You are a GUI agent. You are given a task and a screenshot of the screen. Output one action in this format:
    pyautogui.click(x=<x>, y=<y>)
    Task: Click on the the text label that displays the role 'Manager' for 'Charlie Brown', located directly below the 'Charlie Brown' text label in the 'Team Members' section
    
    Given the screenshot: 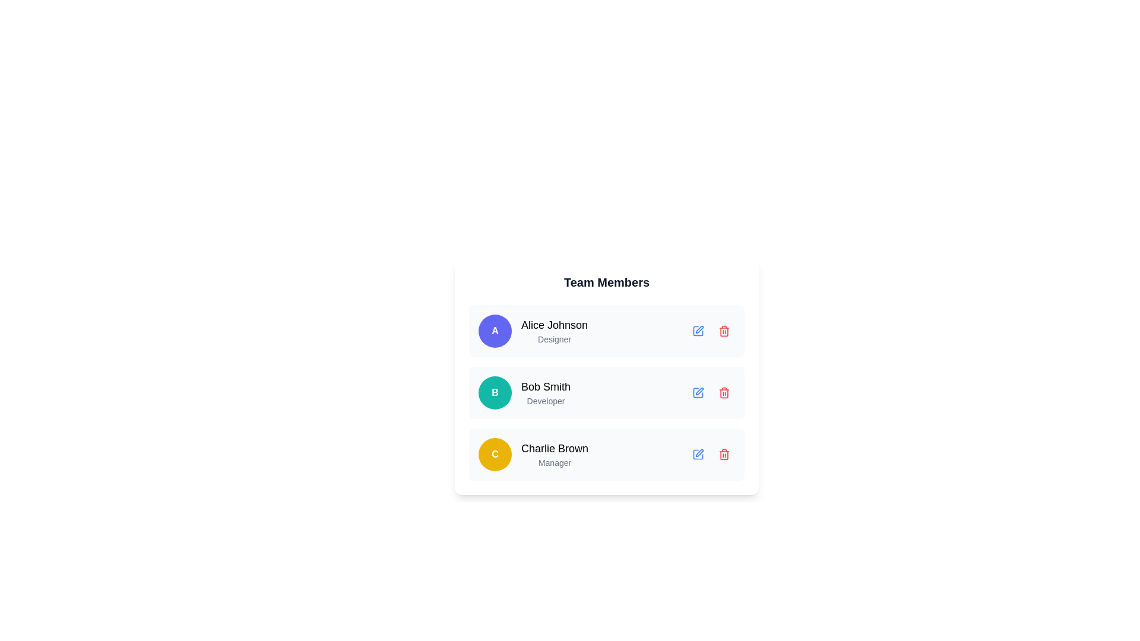 What is the action you would take?
    pyautogui.click(x=554, y=462)
    